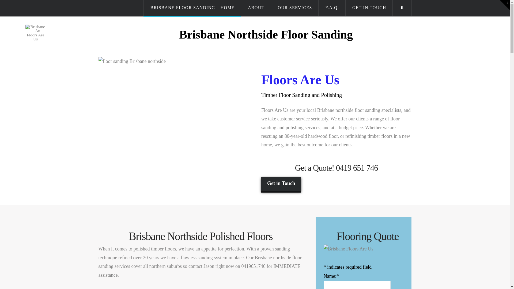 The width and height of the screenshot is (514, 289). Describe the element at coordinates (332, 8) in the screenshot. I see `'F.A.Q.'` at that location.